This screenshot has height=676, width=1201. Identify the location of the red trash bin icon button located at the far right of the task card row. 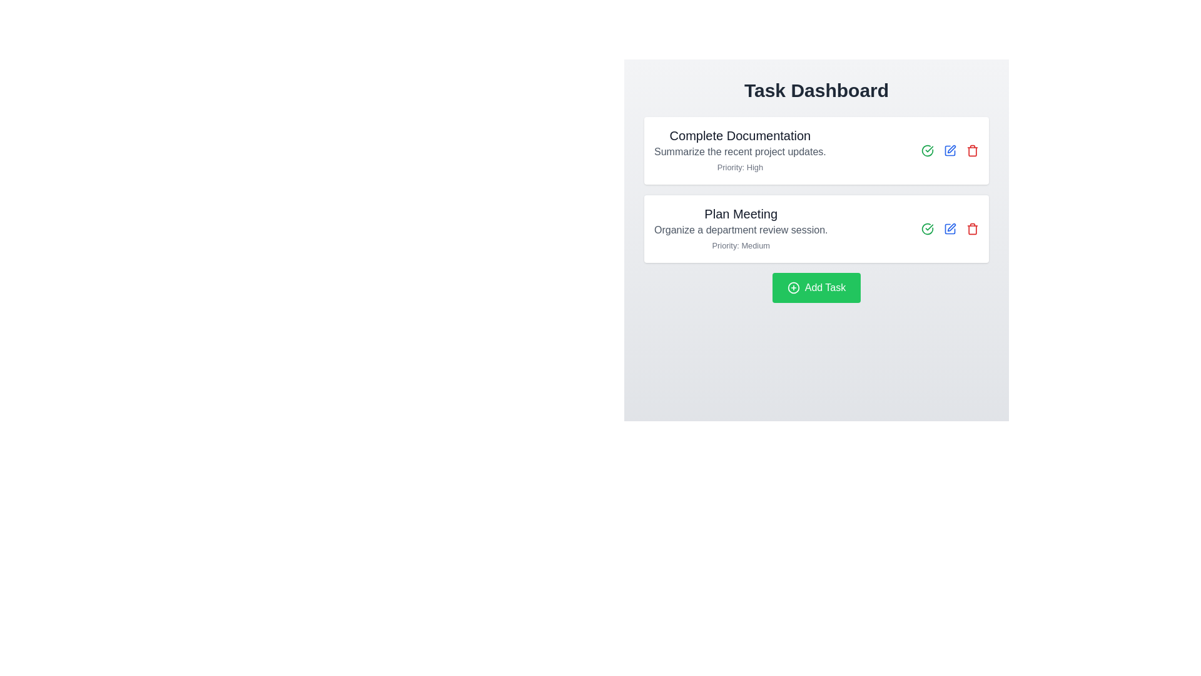
(972, 229).